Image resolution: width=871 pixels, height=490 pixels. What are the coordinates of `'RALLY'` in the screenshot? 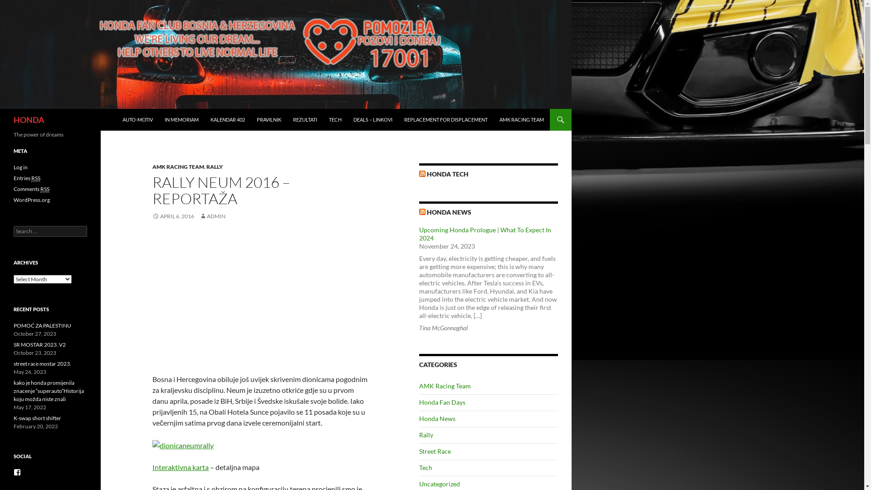 It's located at (214, 167).